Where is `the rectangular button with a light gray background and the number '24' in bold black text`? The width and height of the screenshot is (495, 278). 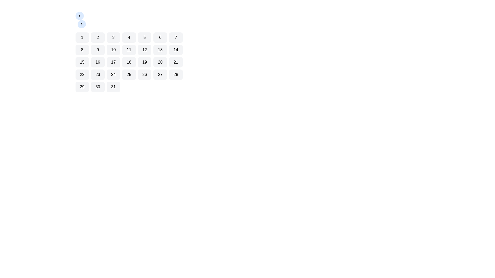 the rectangular button with a light gray background and the number '24' in bold black text is located at coordinates (113, 74).